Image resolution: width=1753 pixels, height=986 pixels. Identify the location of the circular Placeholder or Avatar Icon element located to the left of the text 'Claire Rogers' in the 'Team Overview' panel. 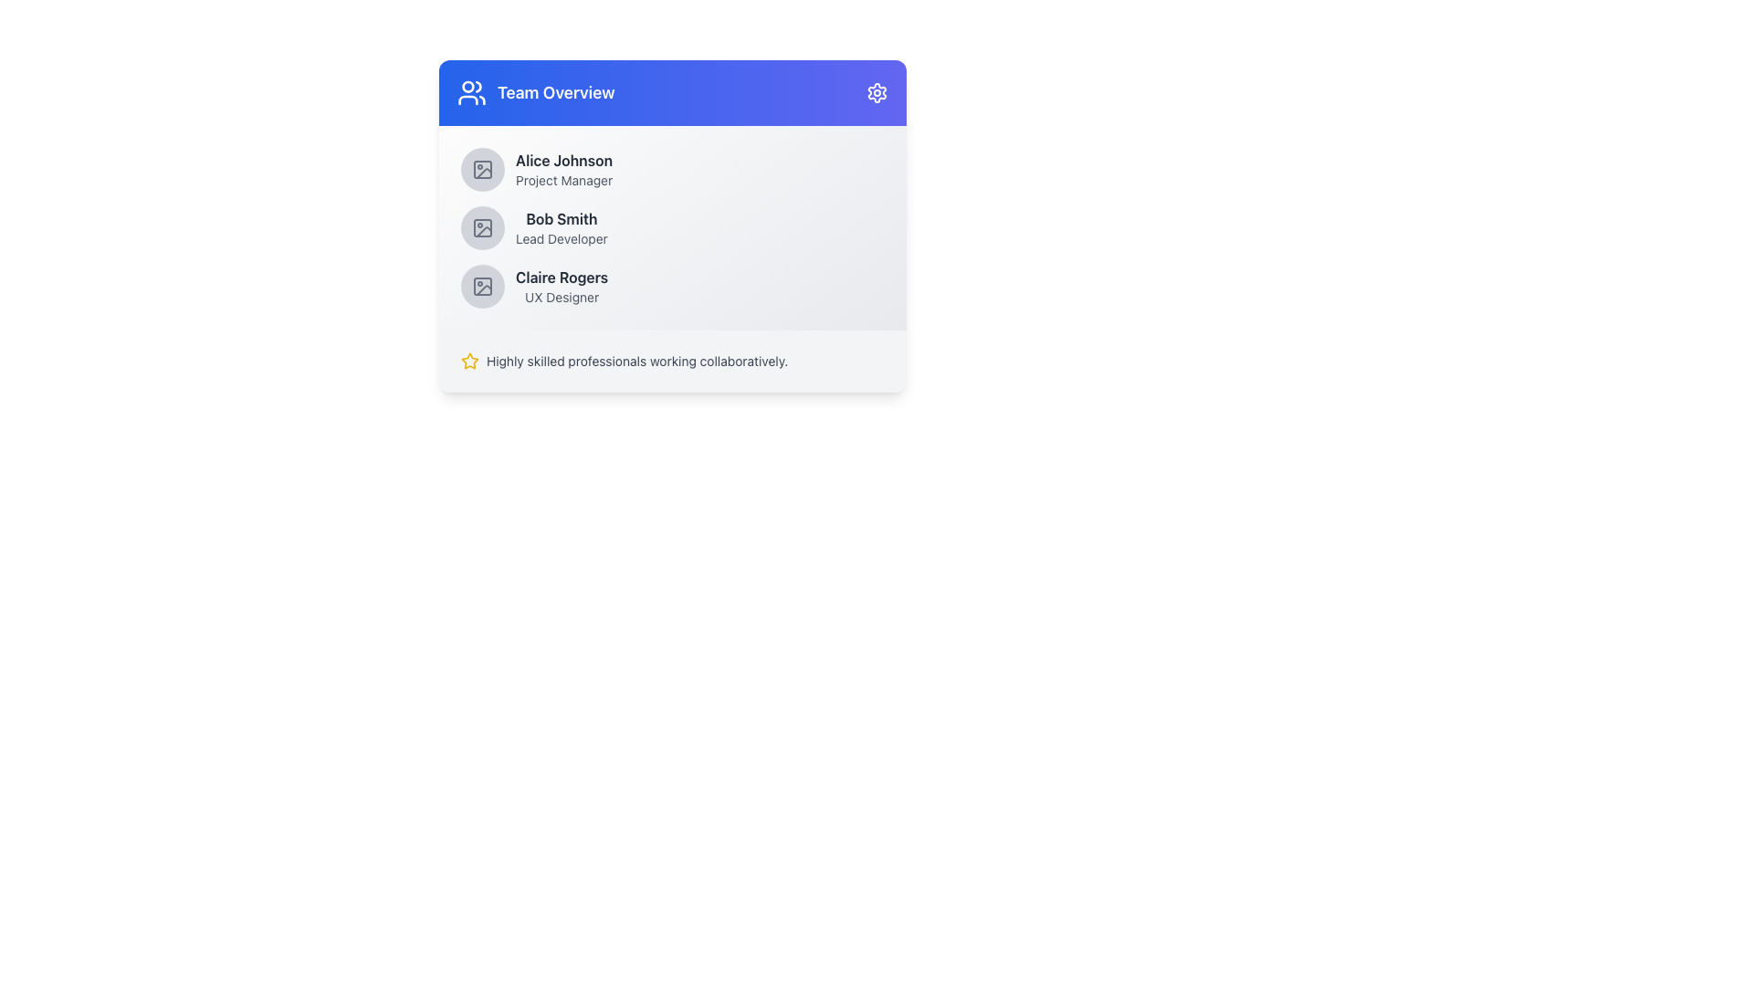
(482, 286).